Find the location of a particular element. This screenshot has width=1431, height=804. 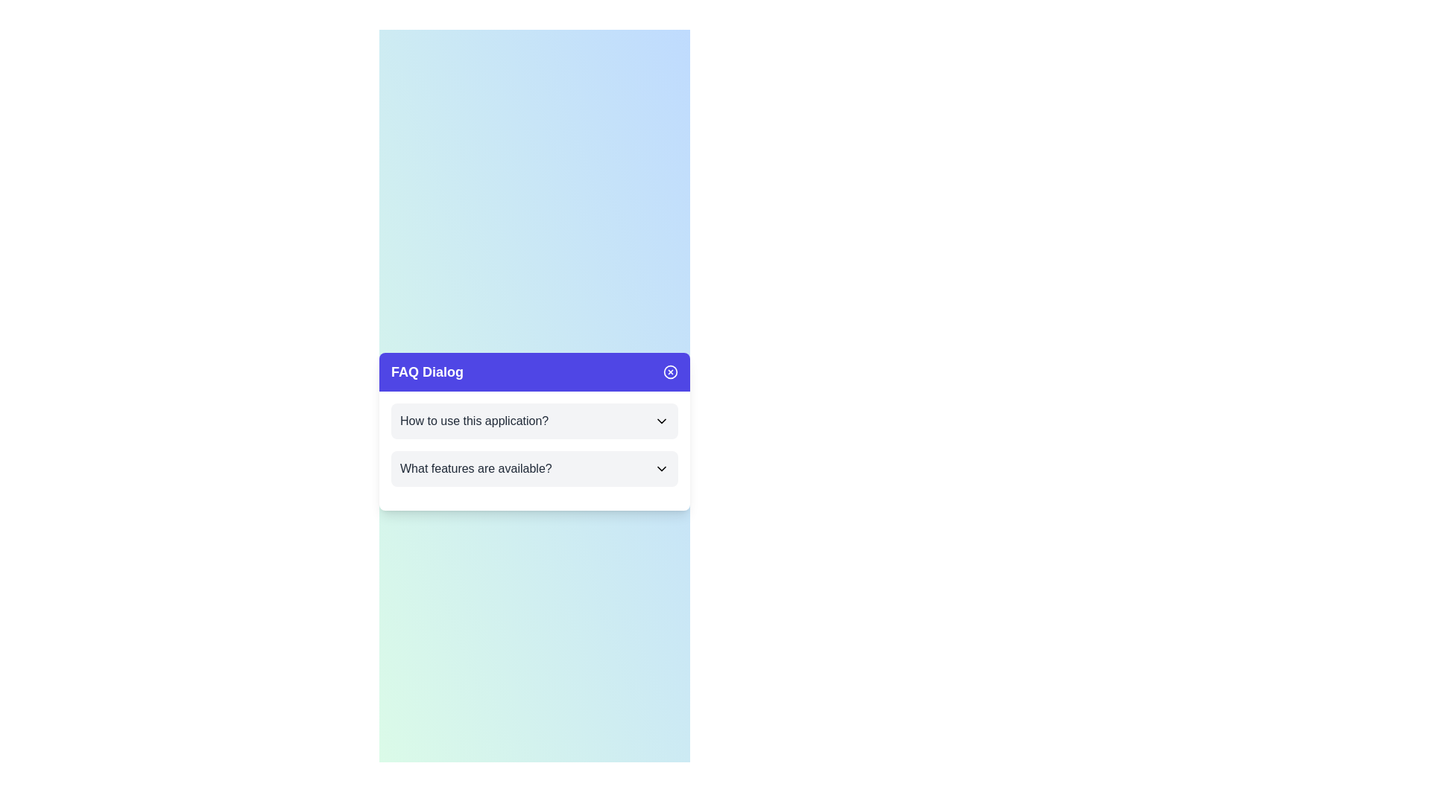

the FAQ item titled 'How to use this application?' to expand or collapse it is located at coordinates (534, 421).